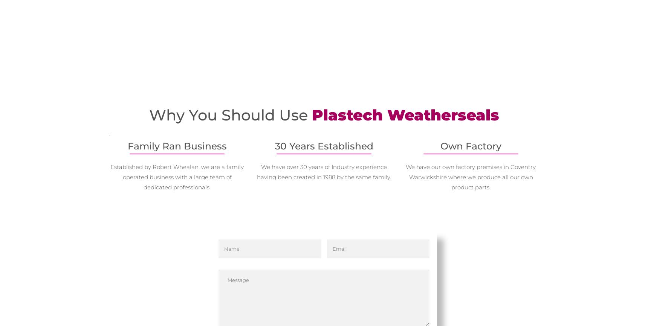  What do you see at coordinates (324, 172) in the screenshot?
I see `'We have over 30 years of Industry experience having been created in 1988 by the same family.'` at bounding box center [324, 172].